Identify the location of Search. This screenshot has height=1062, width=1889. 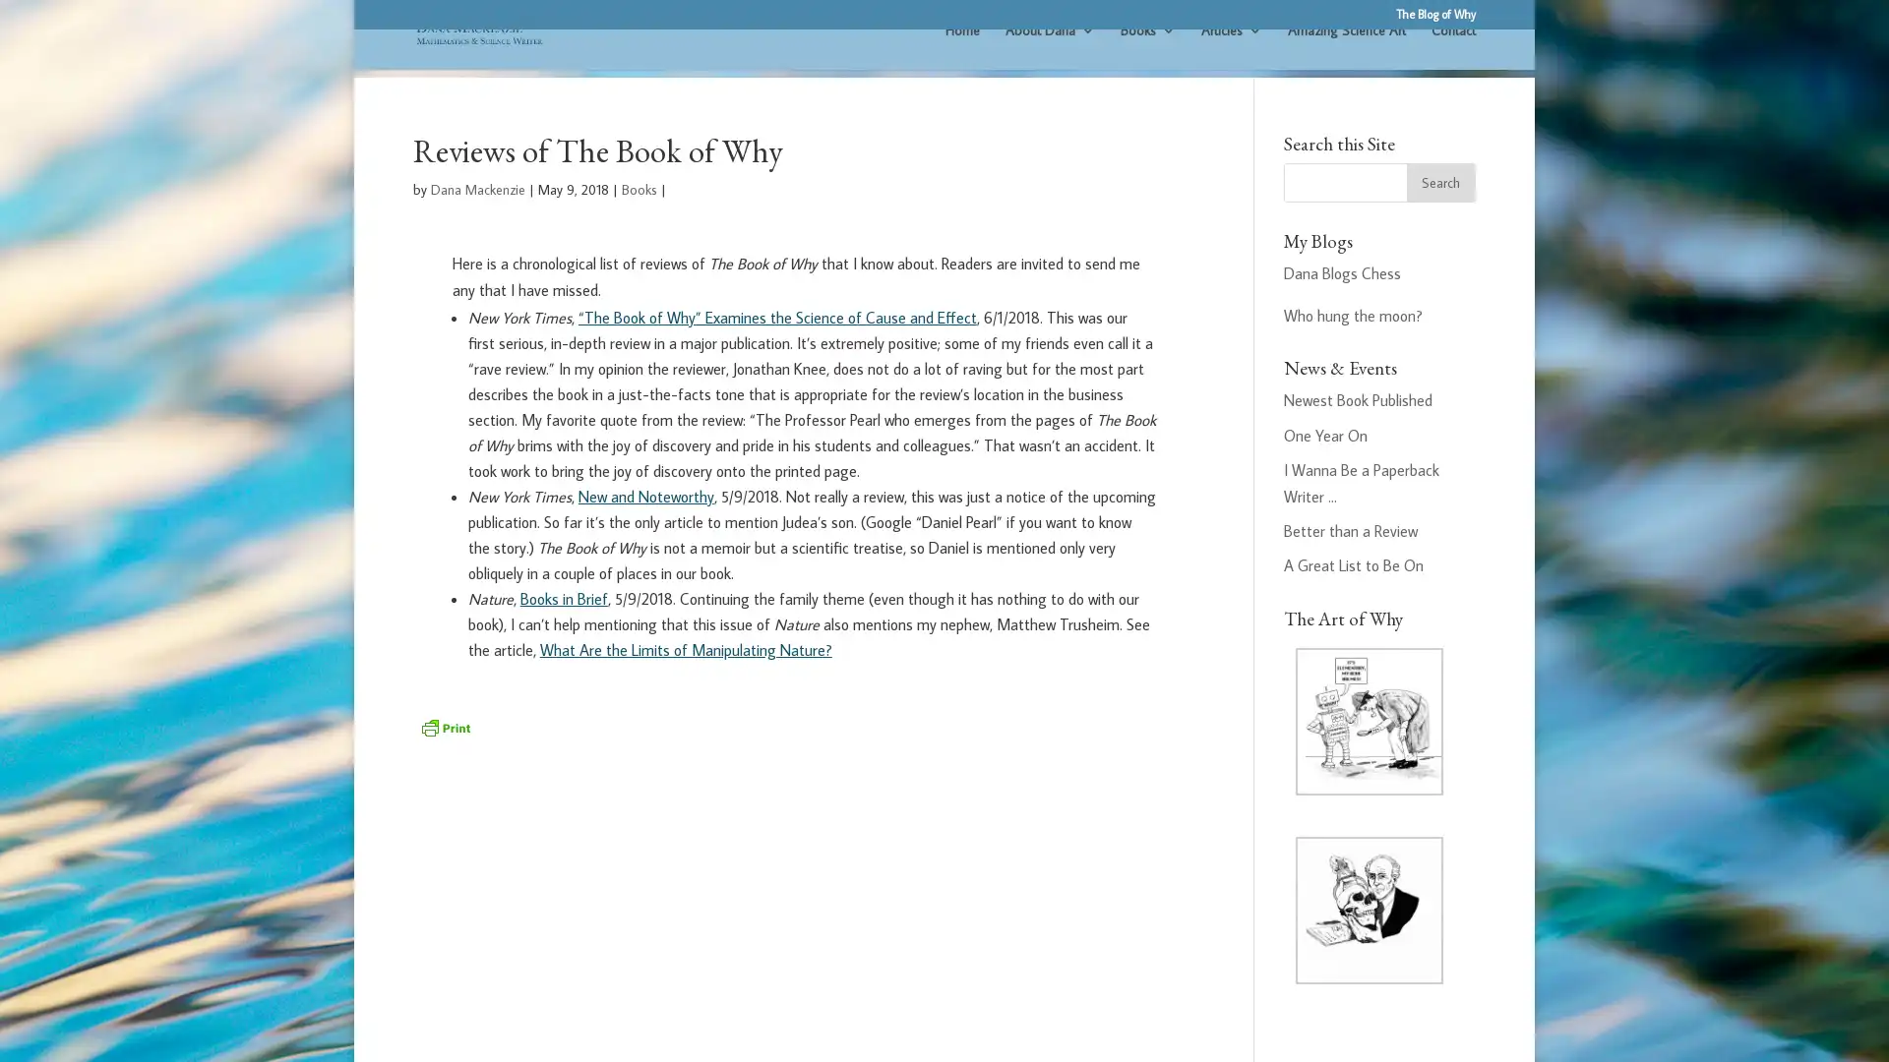
(1440, 209).